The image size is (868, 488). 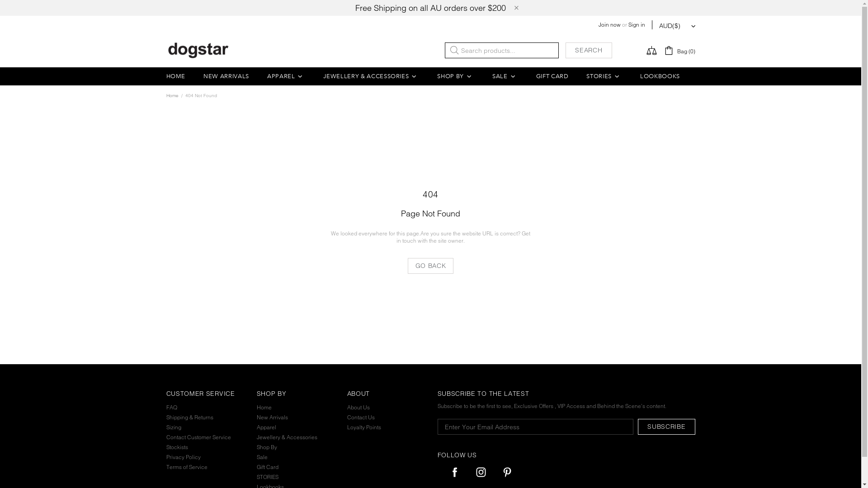 What do you see at coordinates (430, 265) in the screenshot?
I see `'GO BACK'` at bounding box center [430, 265].